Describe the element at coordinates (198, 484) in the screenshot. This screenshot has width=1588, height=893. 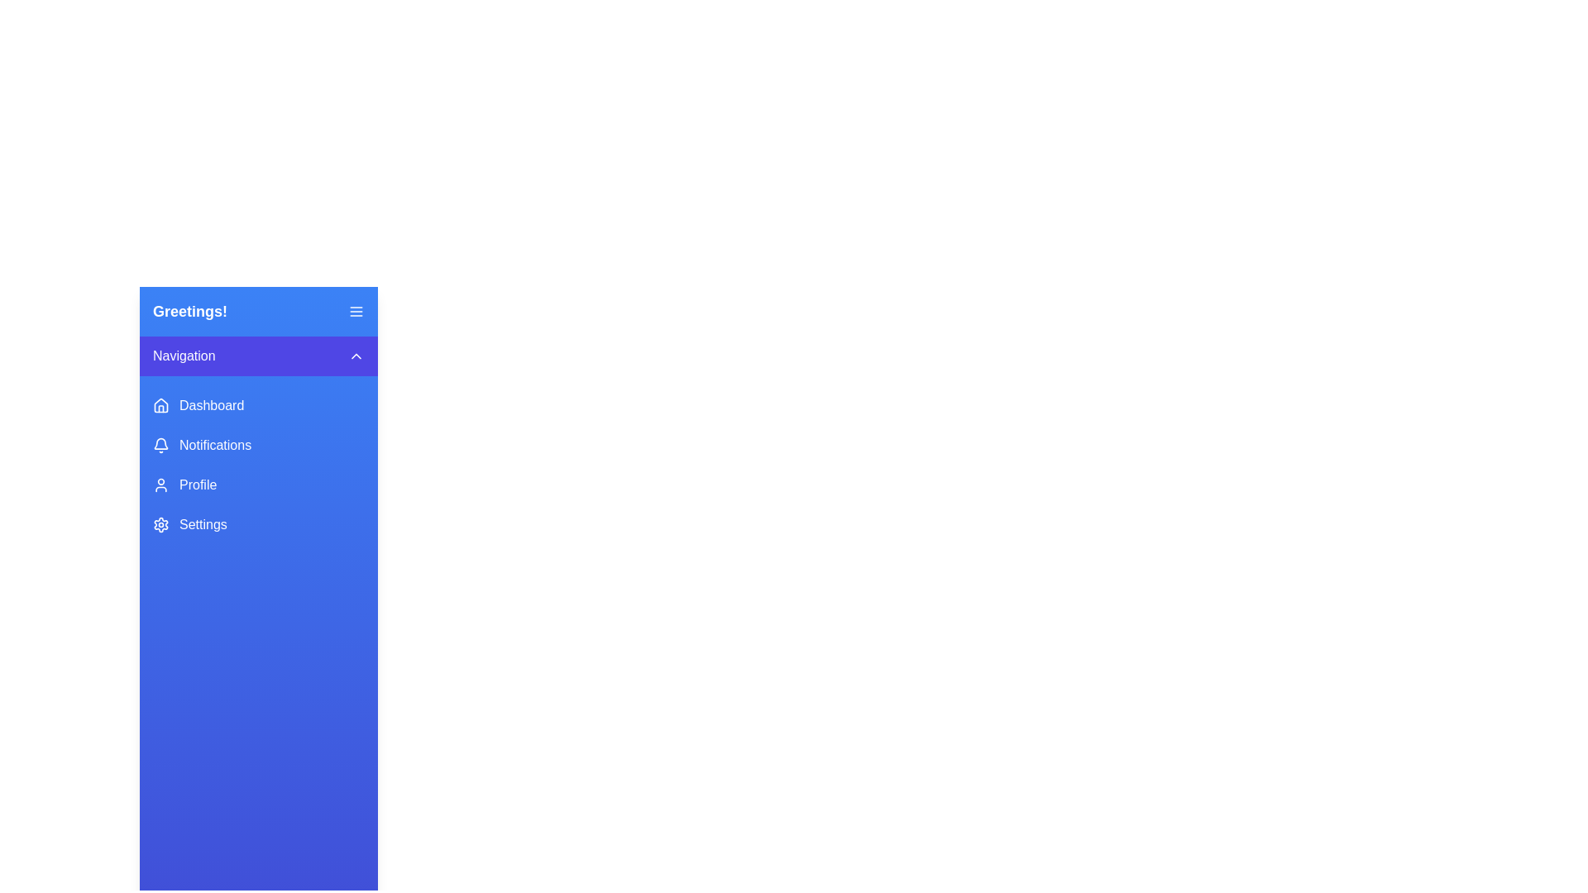
I see `the 'Profile' text label in the navigation menu, which is positioned below the 'Notifications' menu item and to the right of the user icon` at that location.